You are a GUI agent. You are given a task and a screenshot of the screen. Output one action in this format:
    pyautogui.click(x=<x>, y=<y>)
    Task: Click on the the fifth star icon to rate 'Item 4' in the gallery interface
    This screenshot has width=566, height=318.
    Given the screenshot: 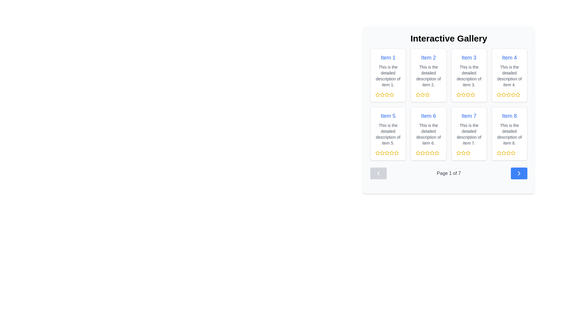 What is the action you would take?
    pyautogui.click(x=517, y=94)
    